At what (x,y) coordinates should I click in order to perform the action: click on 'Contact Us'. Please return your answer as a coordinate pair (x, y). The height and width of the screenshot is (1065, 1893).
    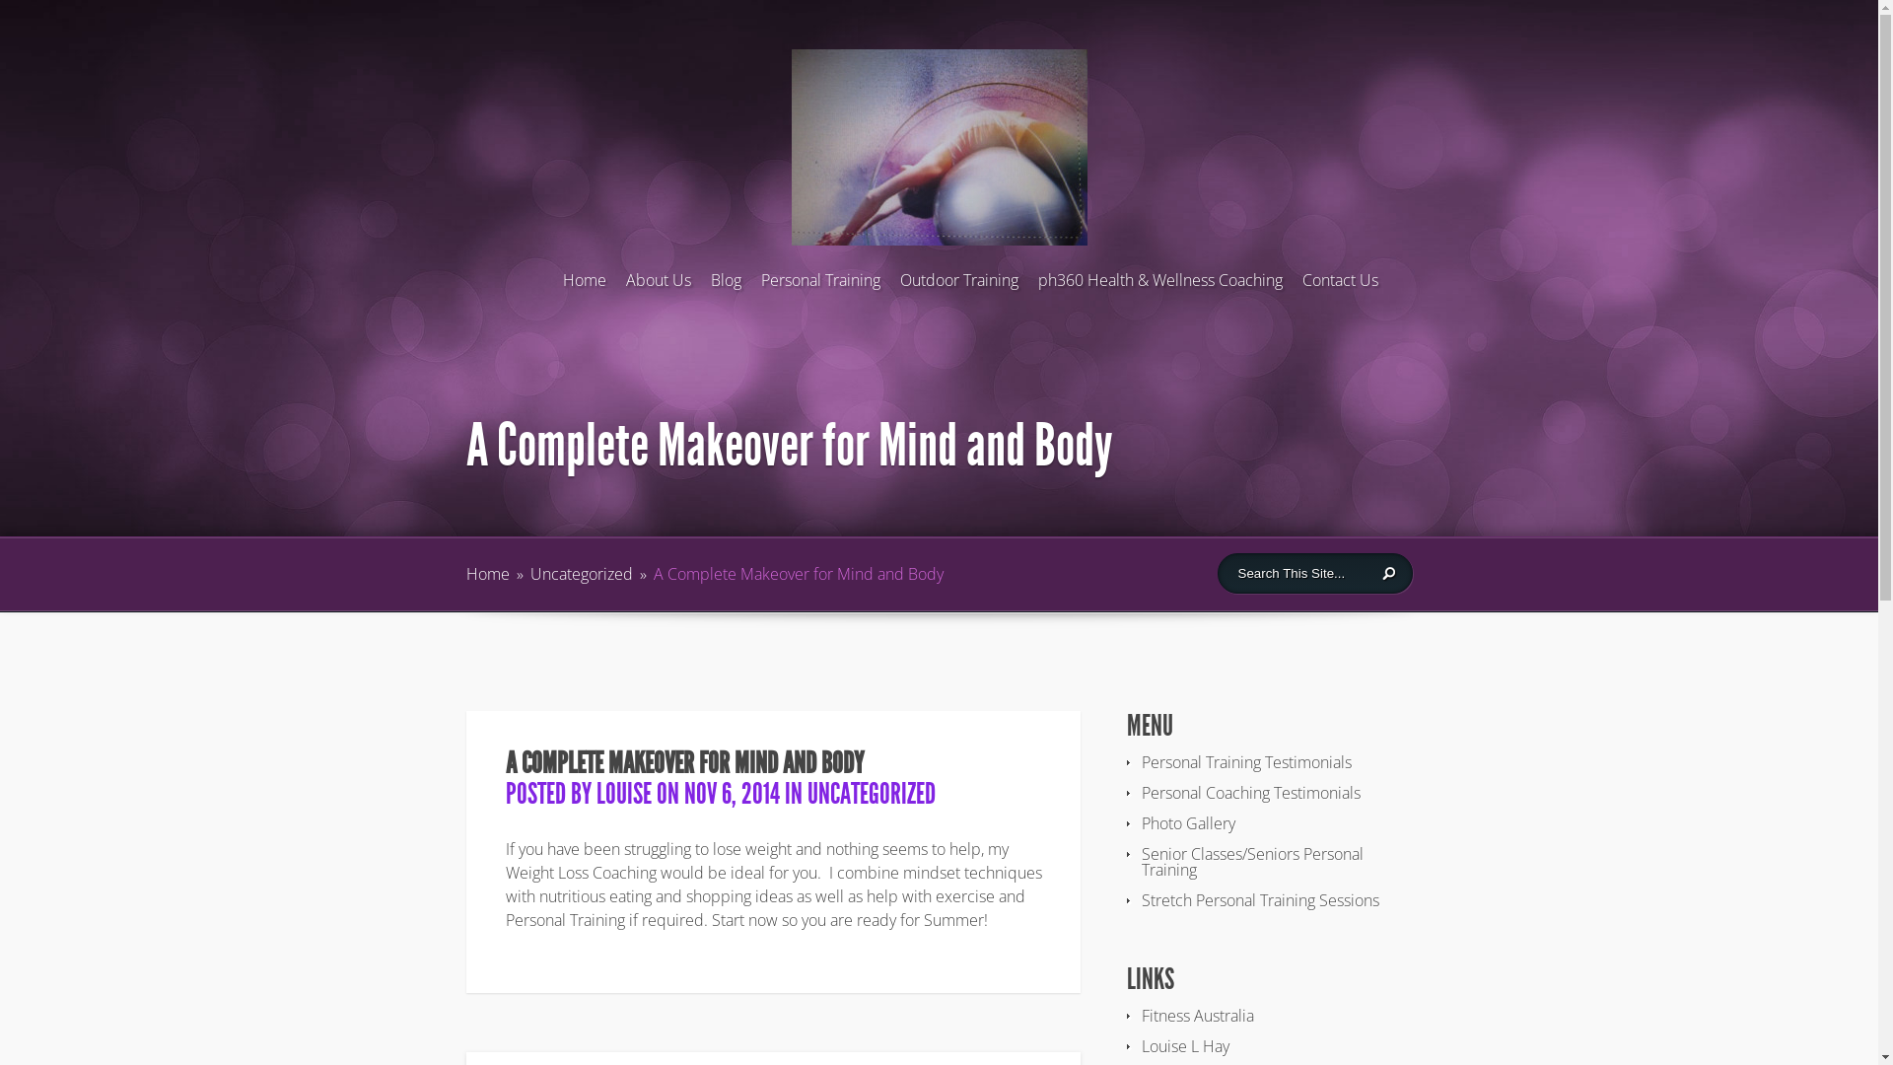
    Looking at the image, I should click on (1339, 285).